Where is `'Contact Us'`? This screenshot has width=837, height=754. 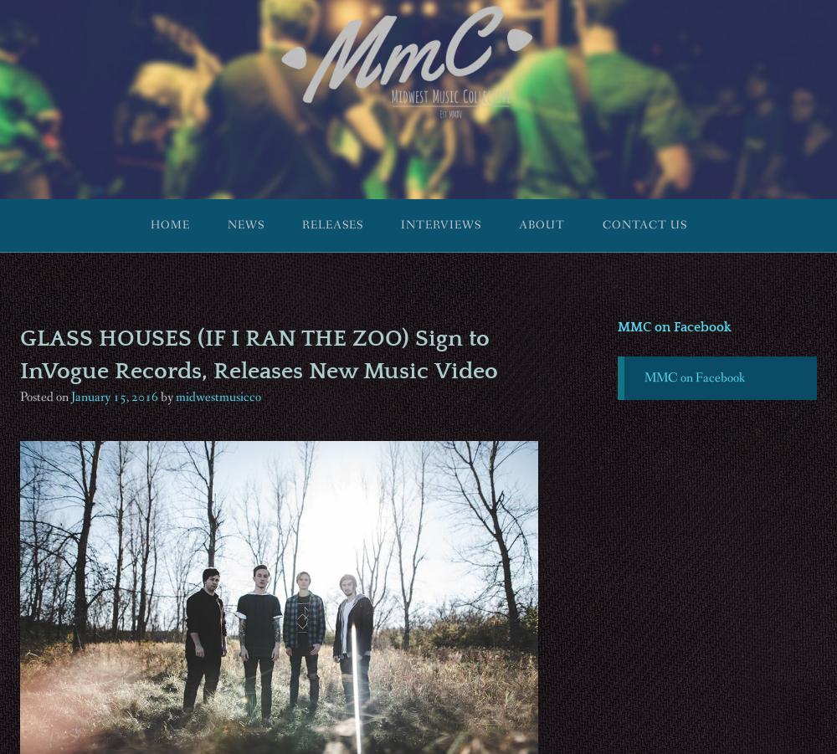
'Contact Us' is located at coordinates (644, 224).